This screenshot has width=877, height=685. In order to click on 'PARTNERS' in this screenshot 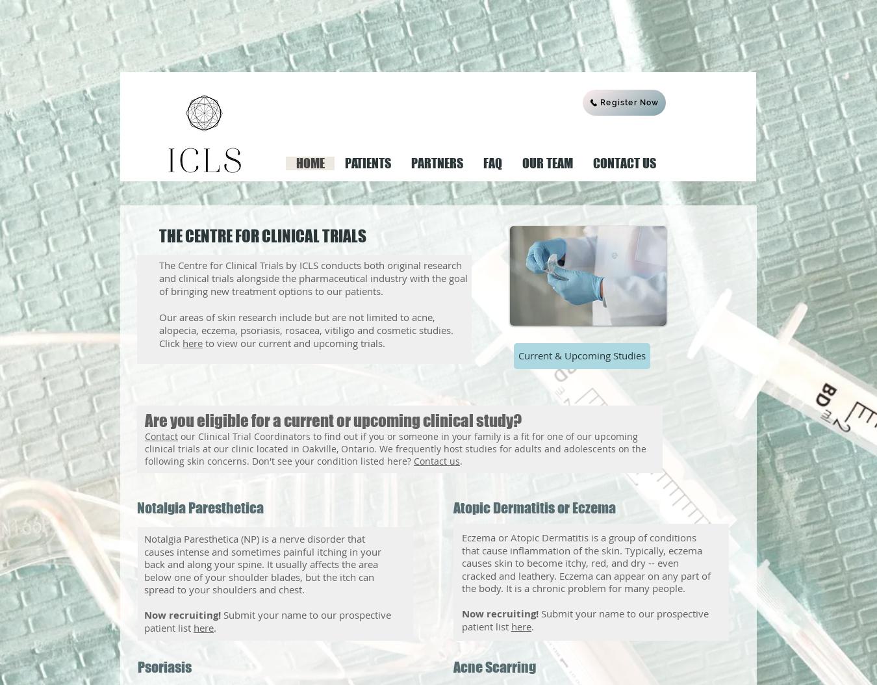, I will do `click(437, 162)`.